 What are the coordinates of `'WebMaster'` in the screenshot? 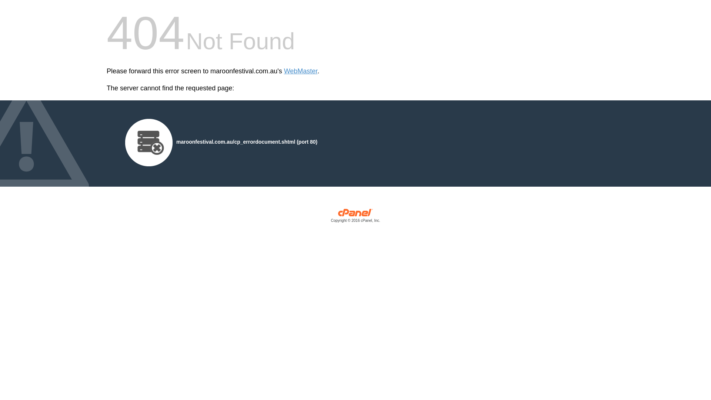 It's located at (284, 71).